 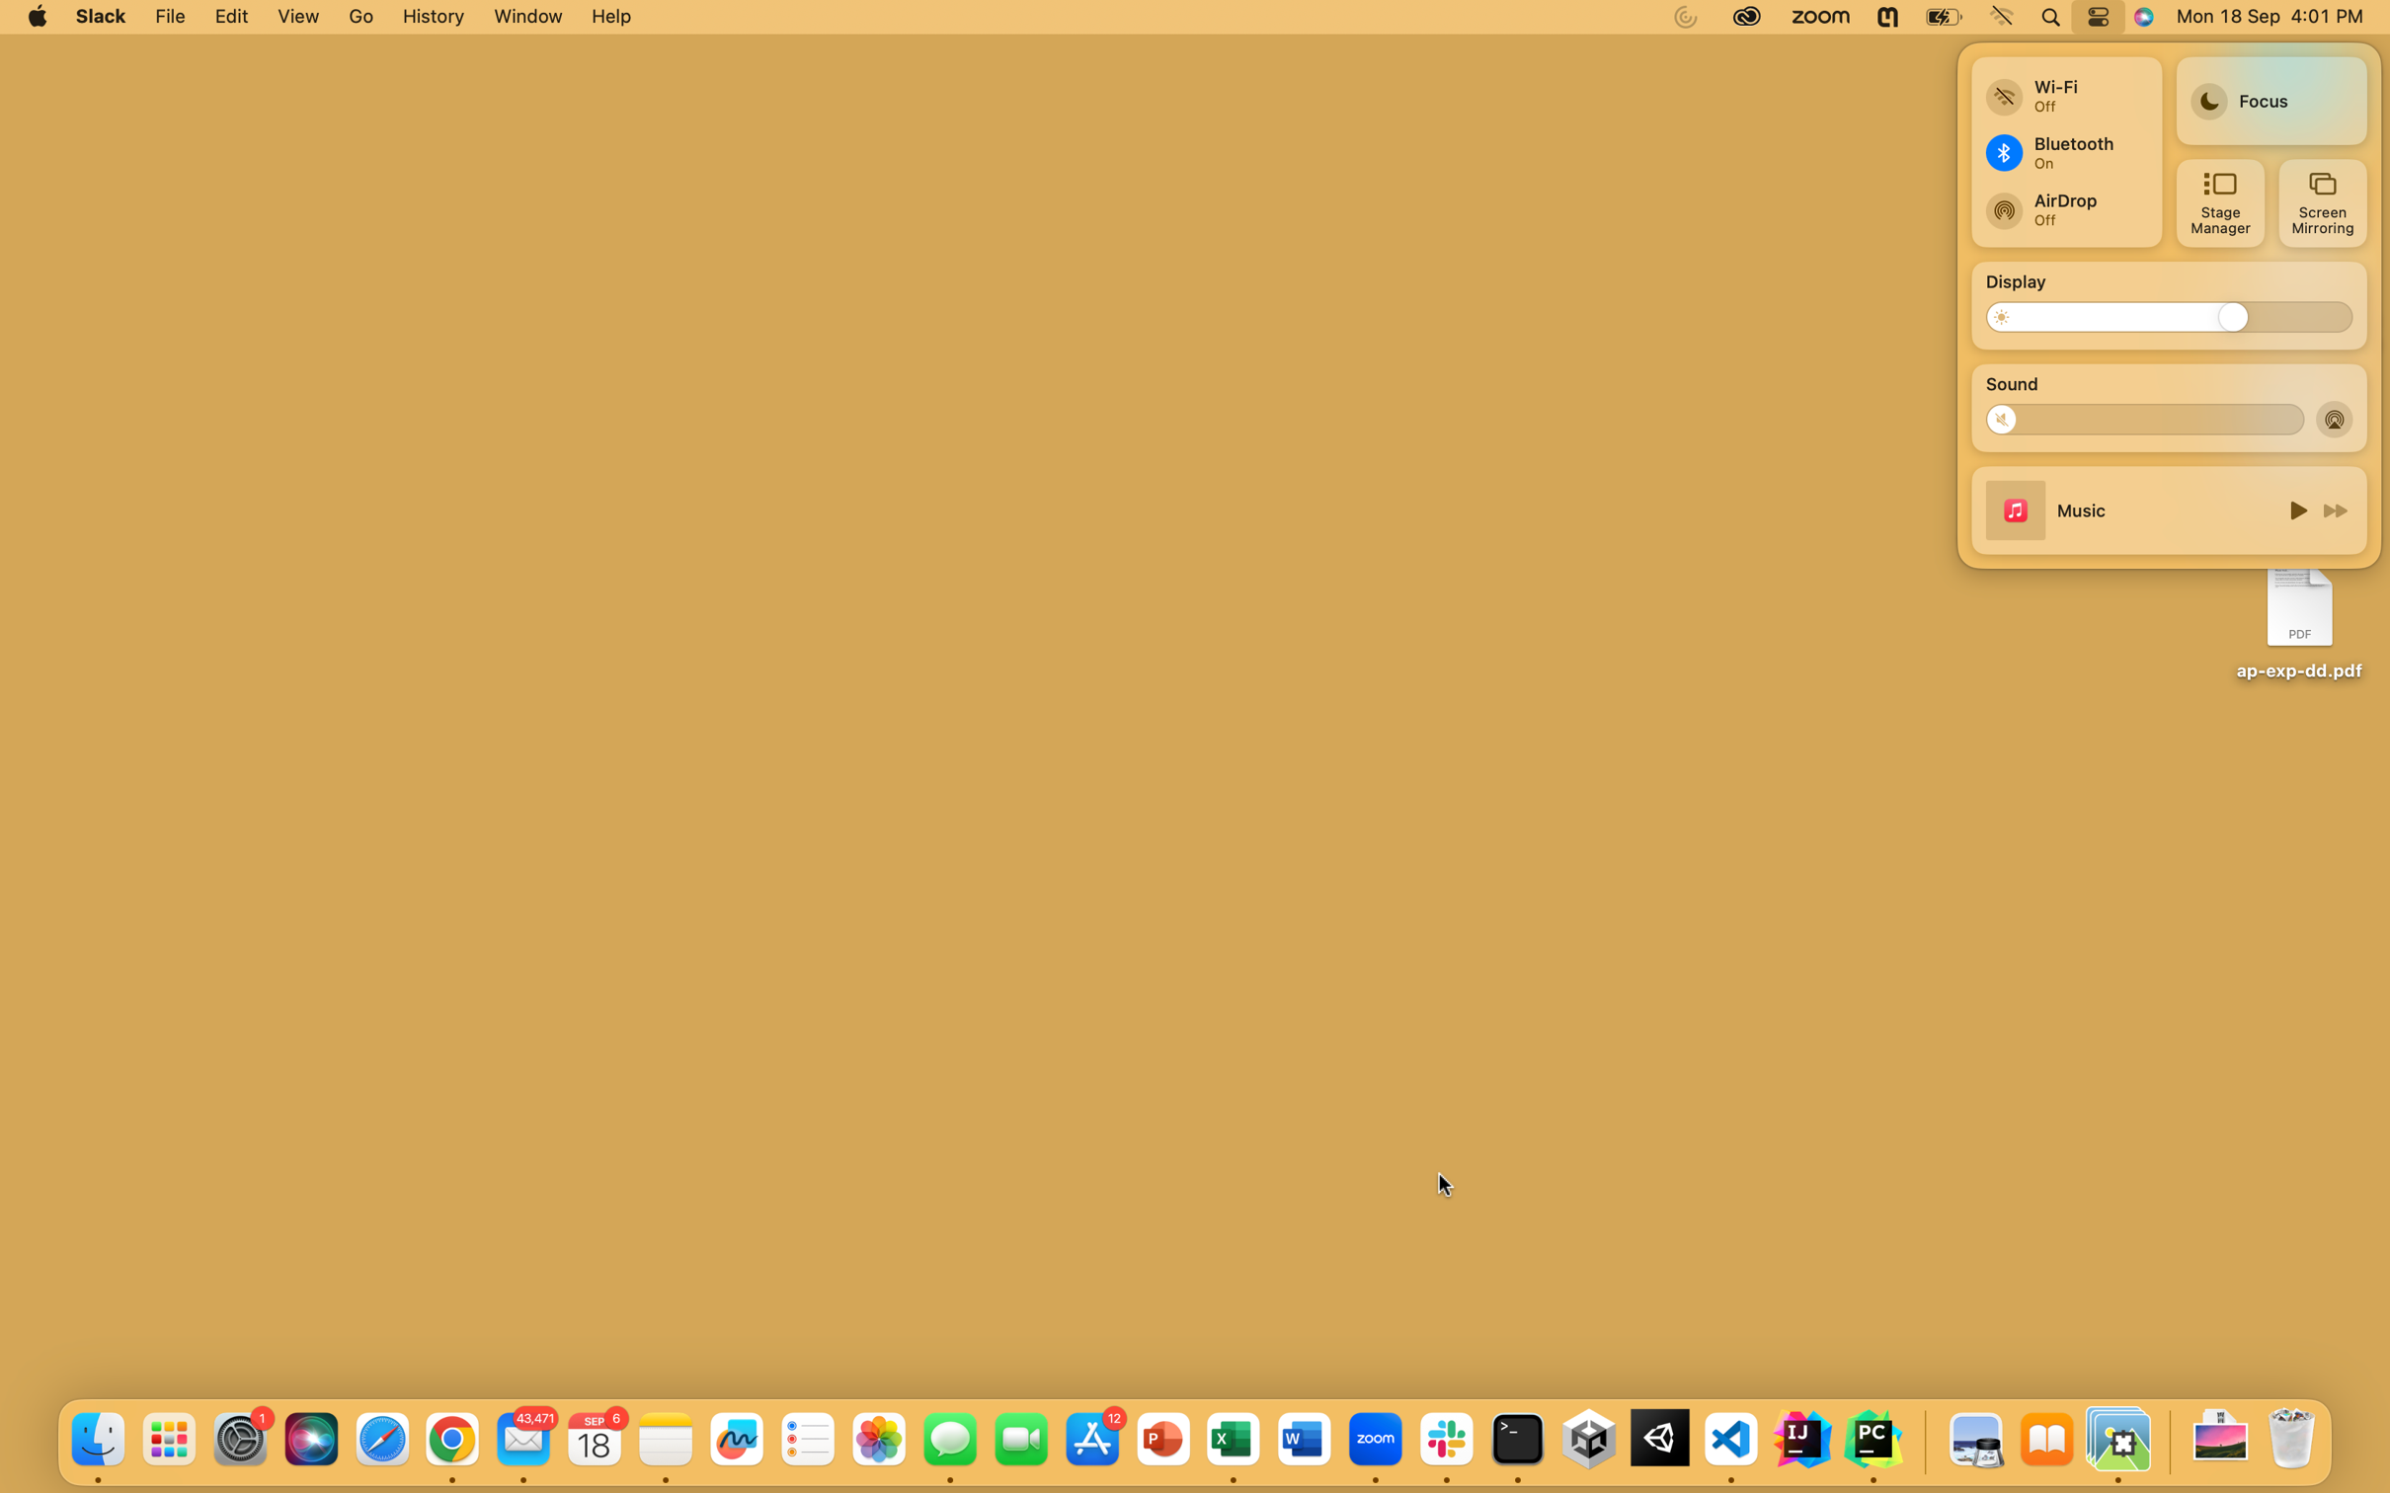 What do you see at coordinates (2064, 88) in the screenshot?
I see `Connect to a new wifi network` at bounding box center [2064, 88].